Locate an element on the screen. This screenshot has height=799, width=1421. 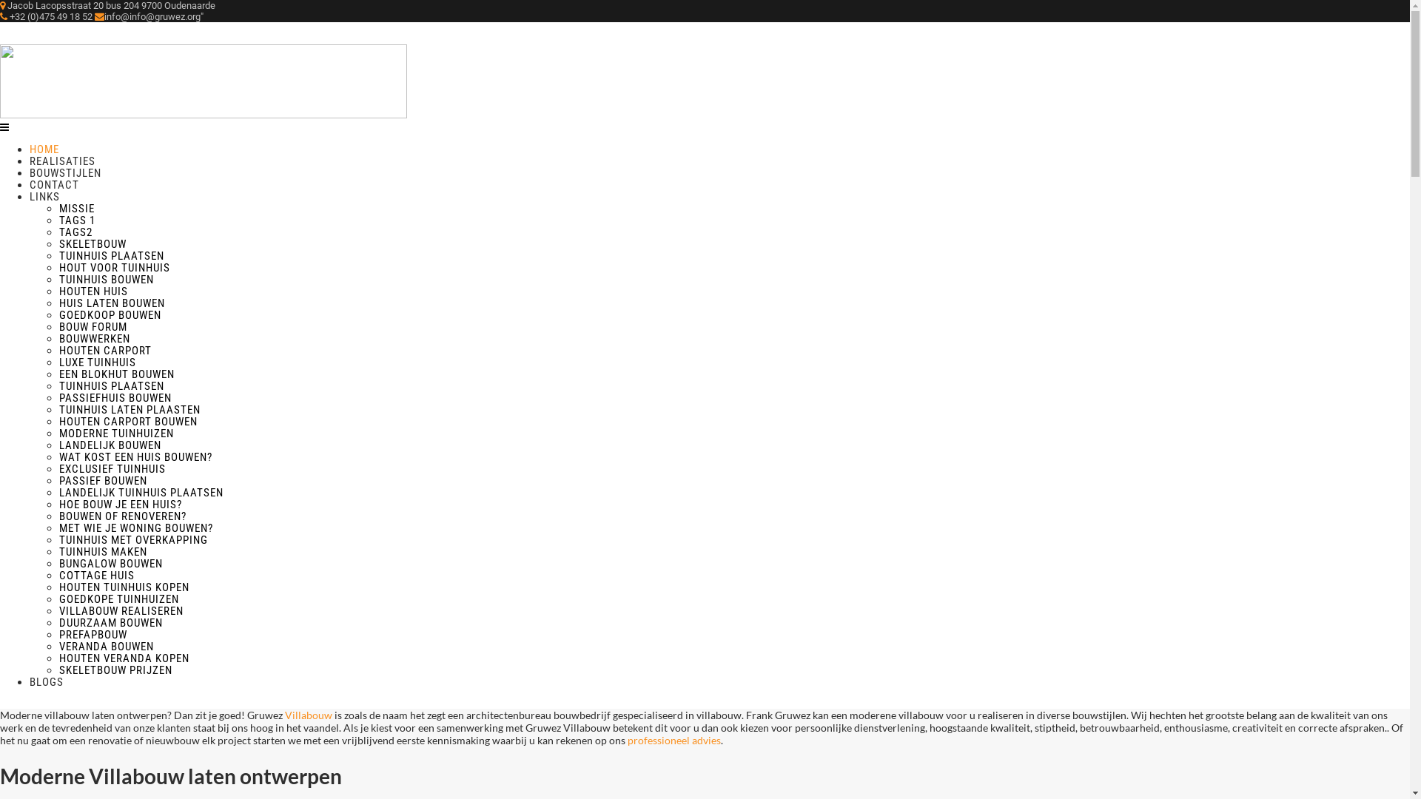
'HOUTEN CARPORT BOUWEN' is located at coordinates (128, 422).